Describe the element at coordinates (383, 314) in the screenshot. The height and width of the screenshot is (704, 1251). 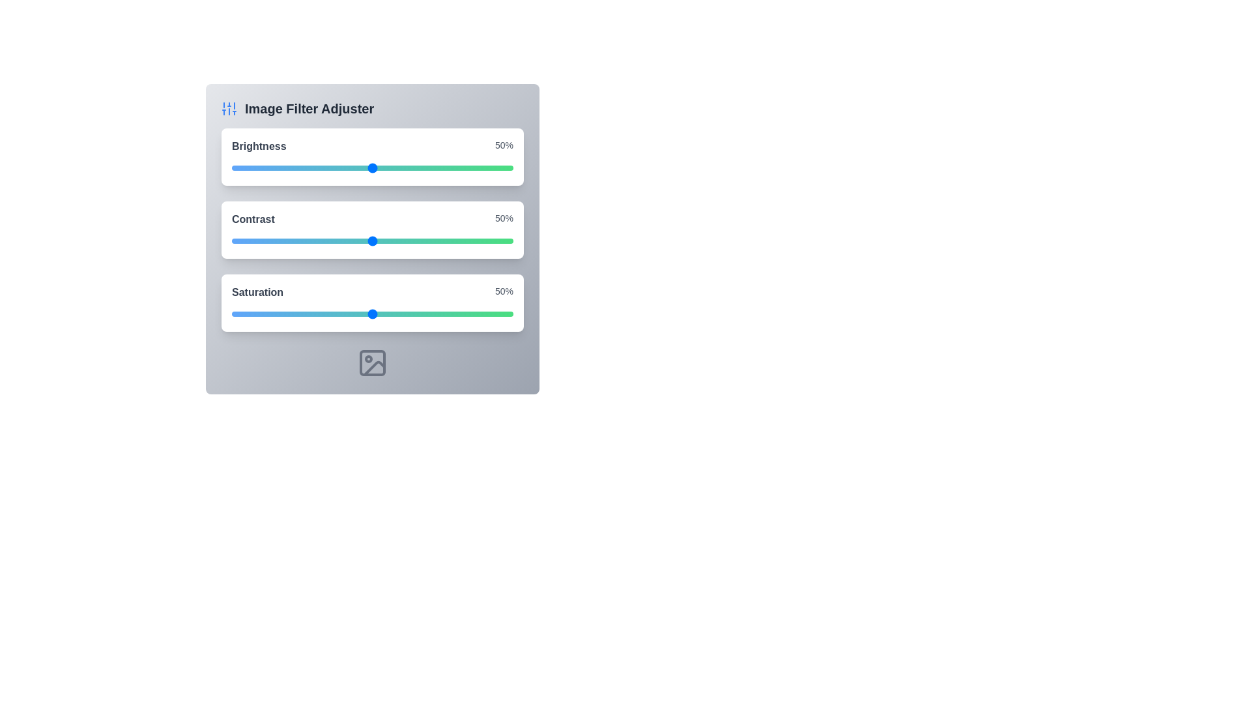
I see `the saturation slider to 54%` at that location.